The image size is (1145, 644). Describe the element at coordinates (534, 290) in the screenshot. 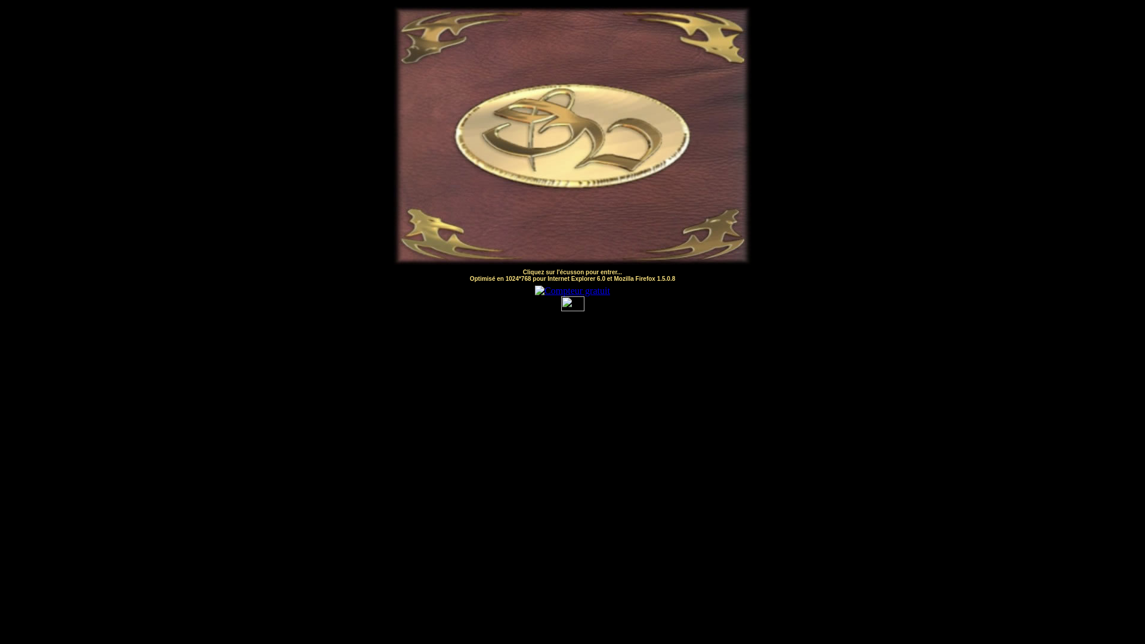

I see `'Compteur gratuit'` at that location.